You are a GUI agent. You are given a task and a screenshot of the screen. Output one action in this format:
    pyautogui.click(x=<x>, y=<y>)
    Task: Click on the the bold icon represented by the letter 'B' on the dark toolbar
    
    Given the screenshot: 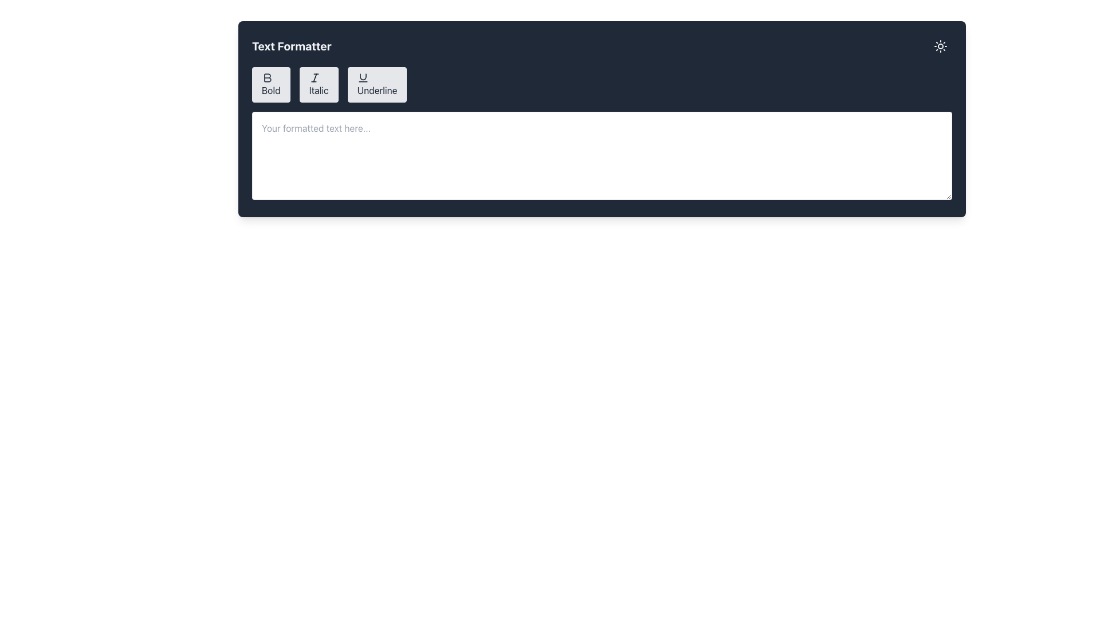 What is the action you would take?
    pyautogui.click(x=267, y=77)
    